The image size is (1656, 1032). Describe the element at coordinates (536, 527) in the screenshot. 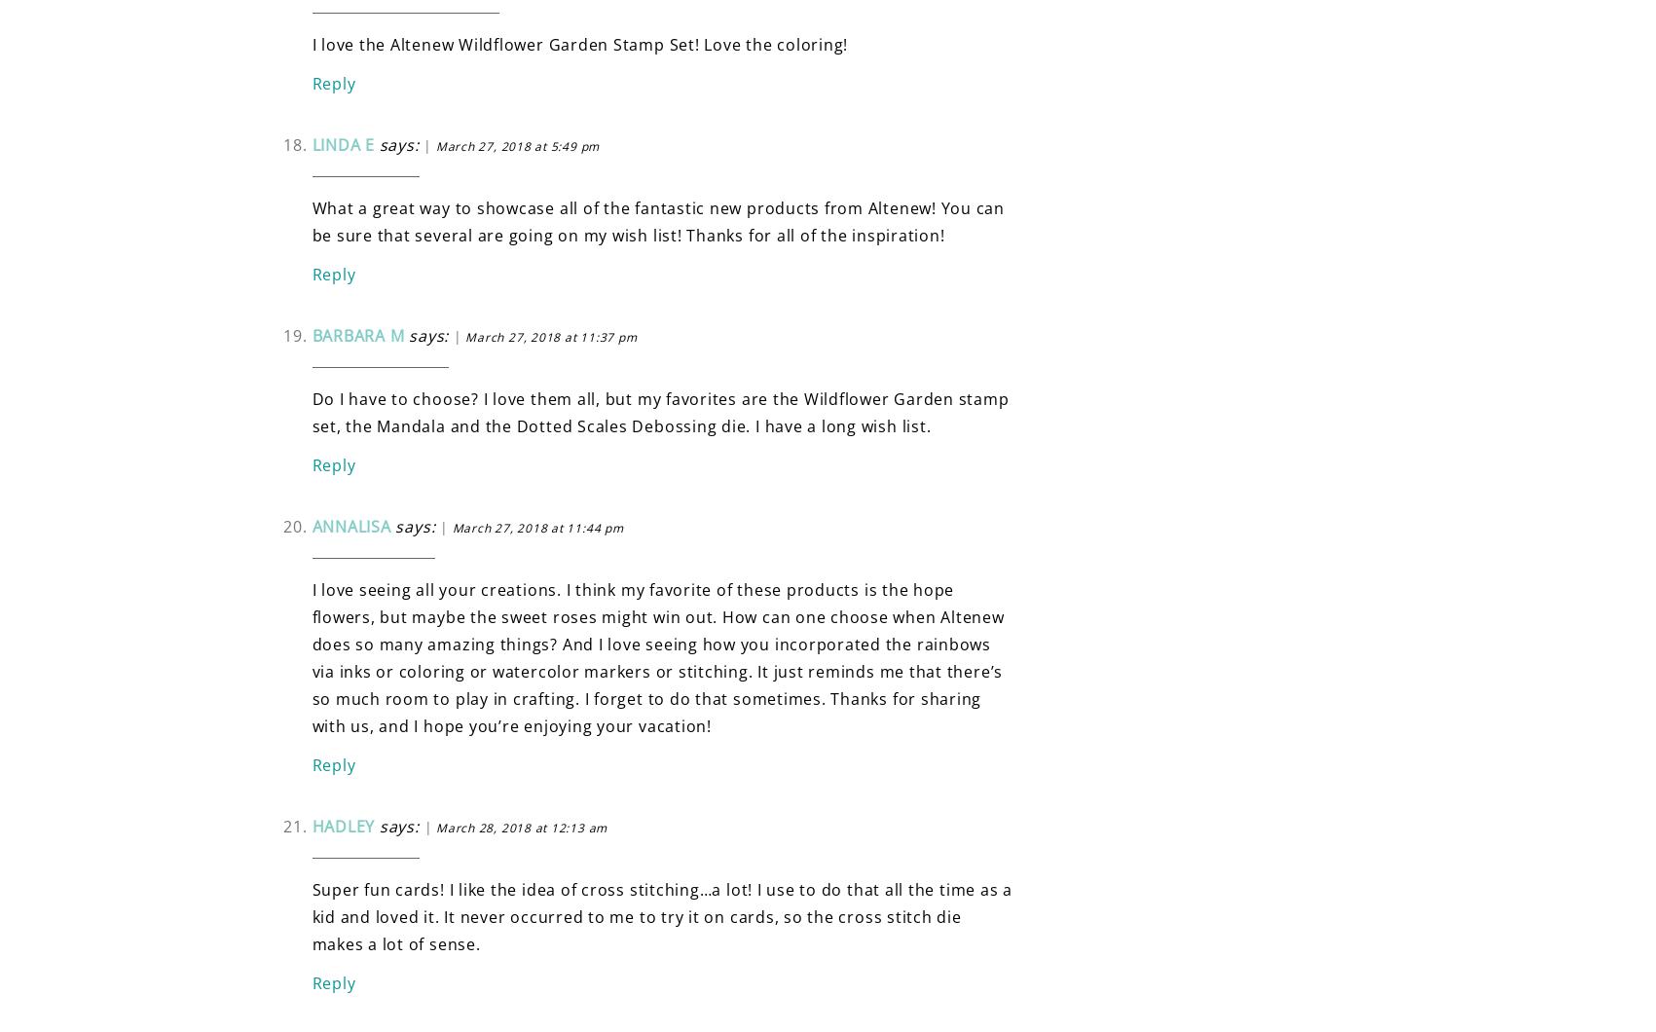

I see `'March 27, 2018 at 11:44 pm'` at that location.